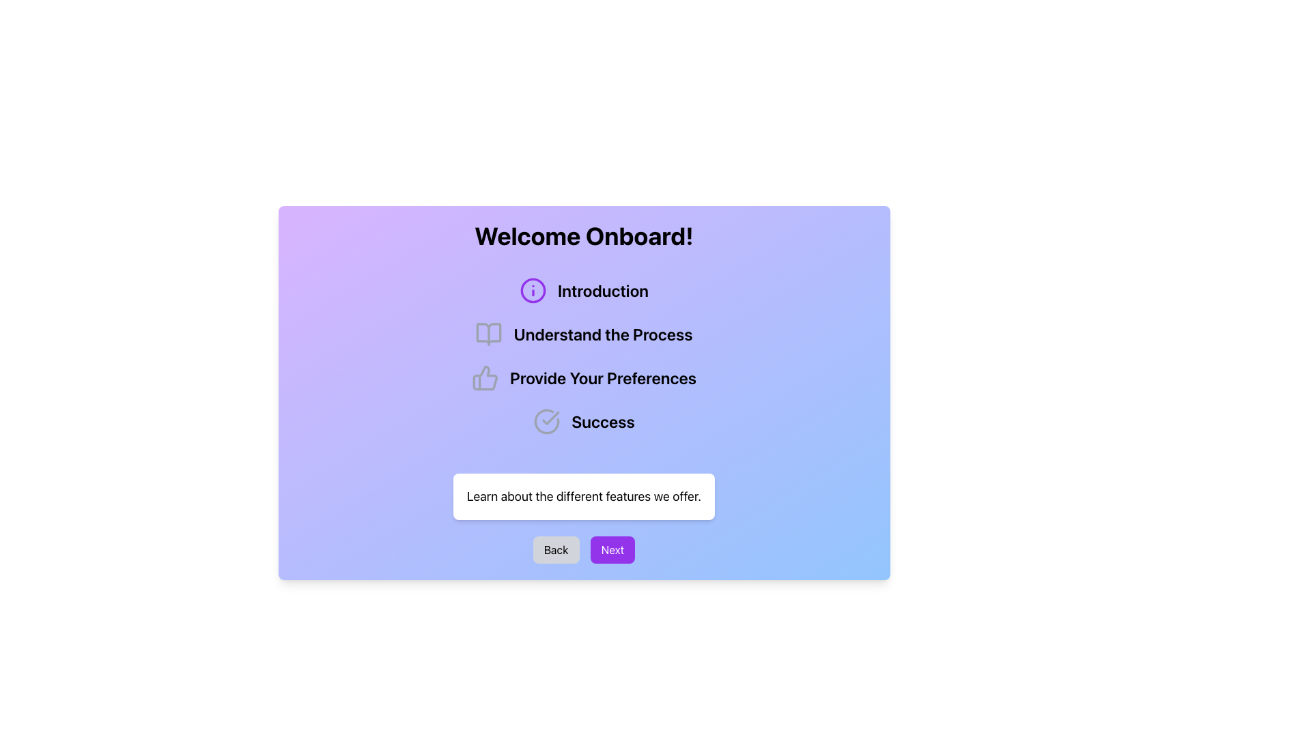  What do you see at coordinates (584, 420) in the screenshot?
I see `the 'Success' UI Label with an Icon, which features a gray circular check mark and bold black text` at bounding box center [584, 420].